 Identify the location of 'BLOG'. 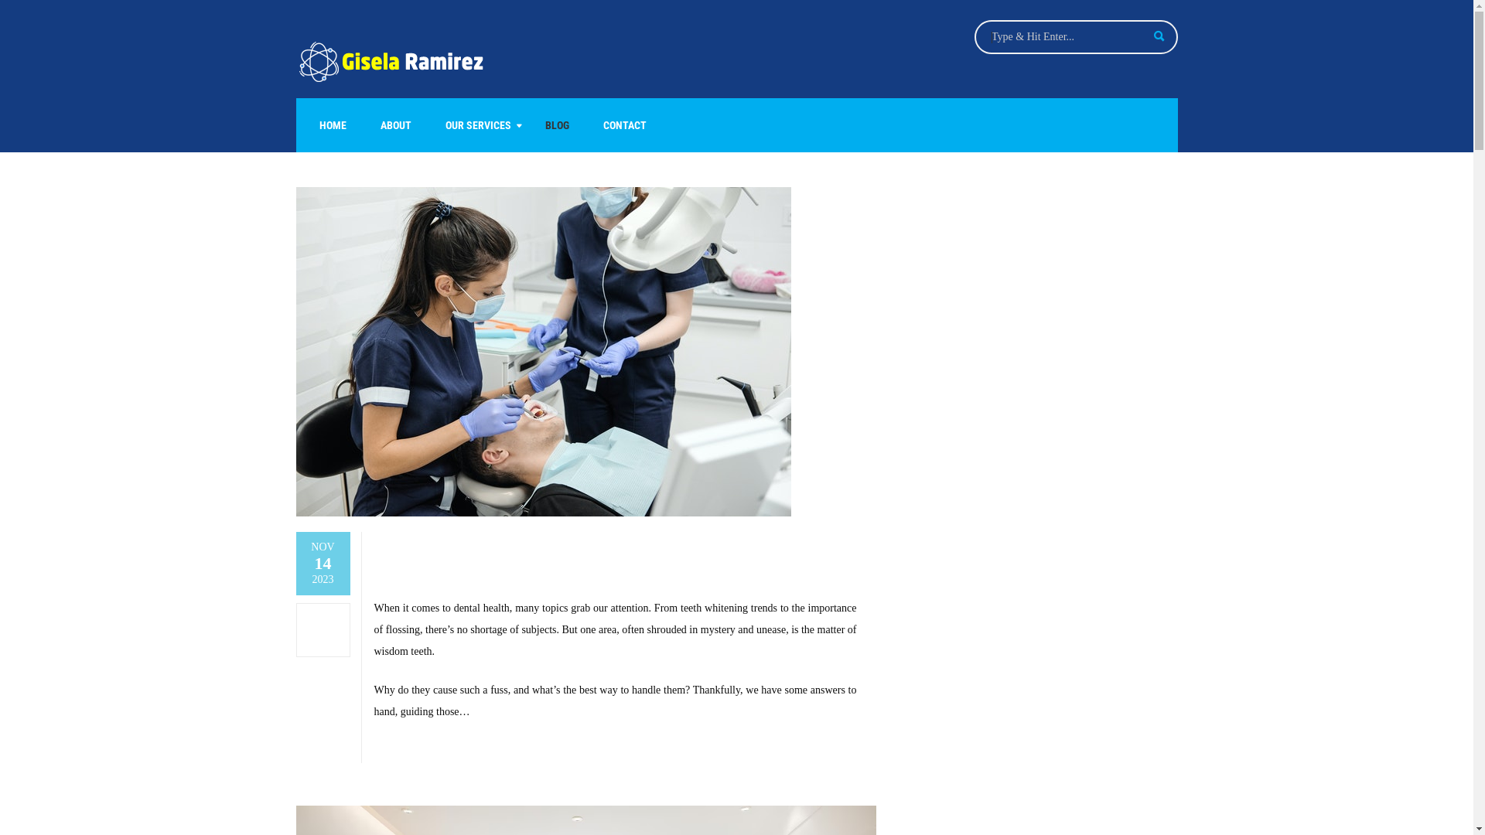
(556, 124).